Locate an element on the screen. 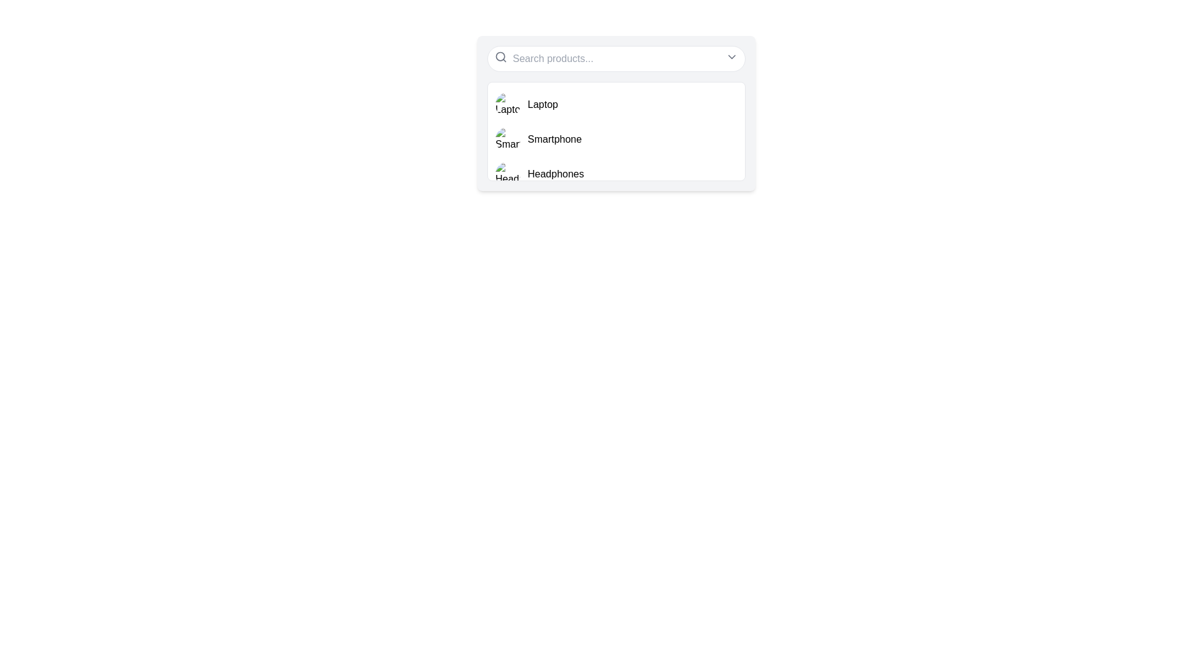  the Dropdown indicator icon located to the far right of the search bar is located at coordinates (732, 57).